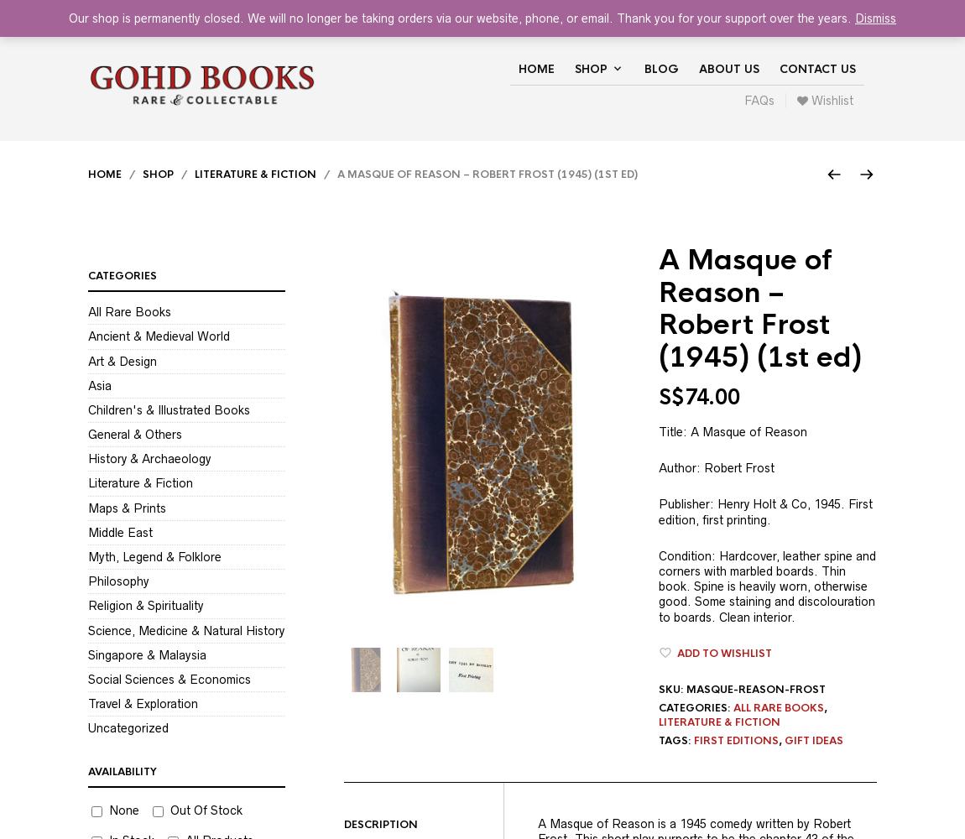  I want to click on 'Wishlist', so click(831, 100).